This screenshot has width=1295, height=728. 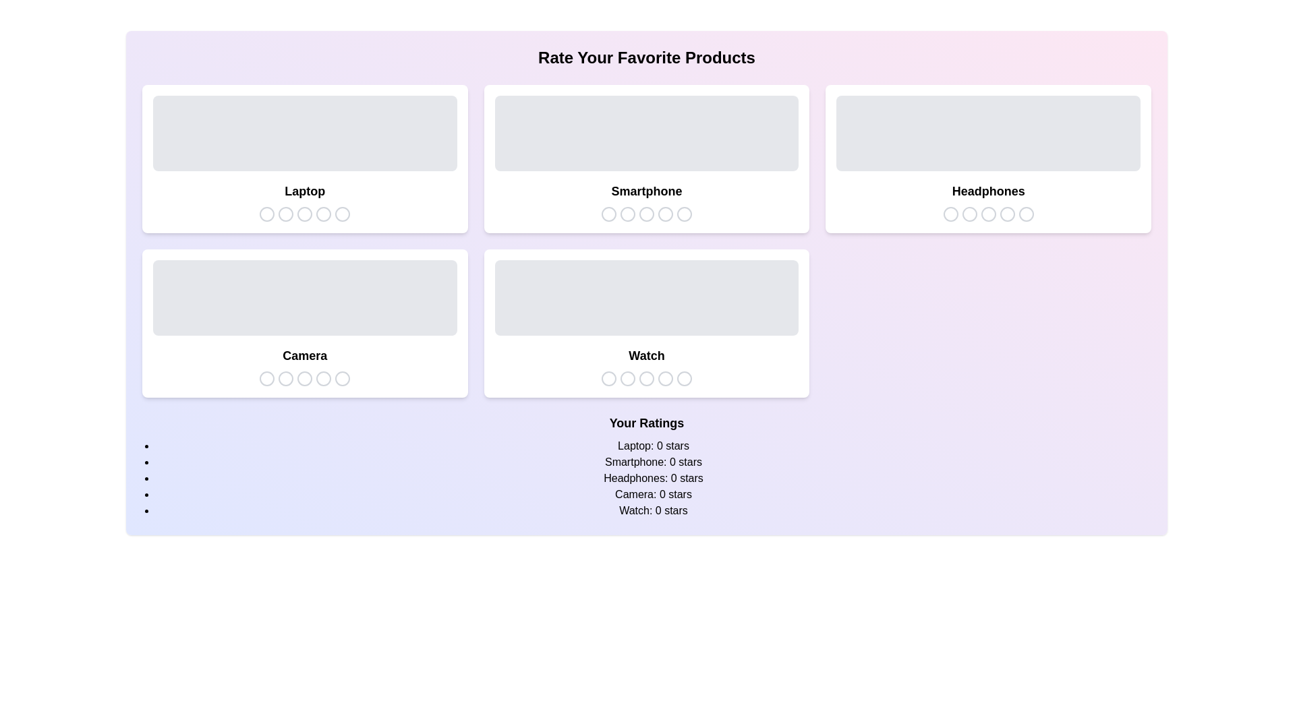 What do you see at coordinates (324, 379) in the screenshot?
I see `the star icon corresponding to 4 stars for the product Camera` at bounding box center [324, 379].